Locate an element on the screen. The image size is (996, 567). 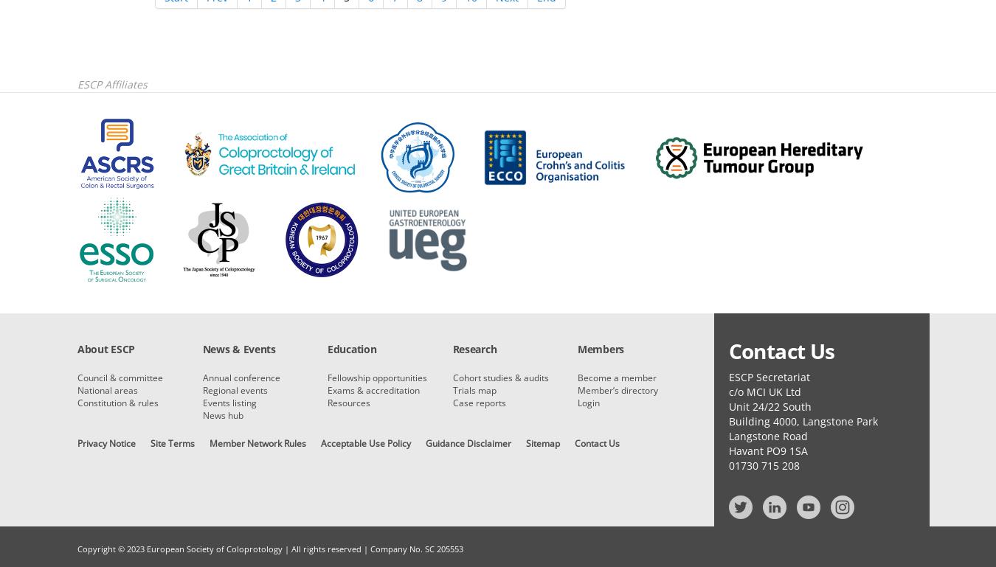
'Site Terms' is located at coordinates (171, 442).